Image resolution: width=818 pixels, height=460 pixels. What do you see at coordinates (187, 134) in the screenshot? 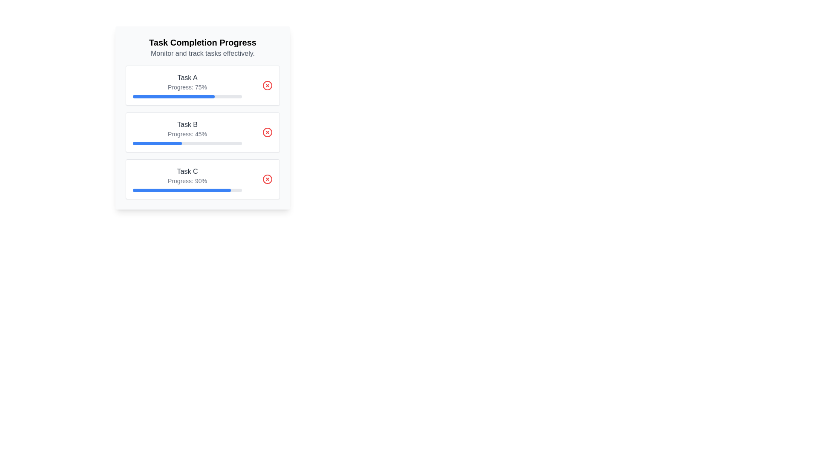
I see `the text label that displays the current progress of 'Task B', which is located below the task title and above the progress bar` at bounding box center [187, 134].